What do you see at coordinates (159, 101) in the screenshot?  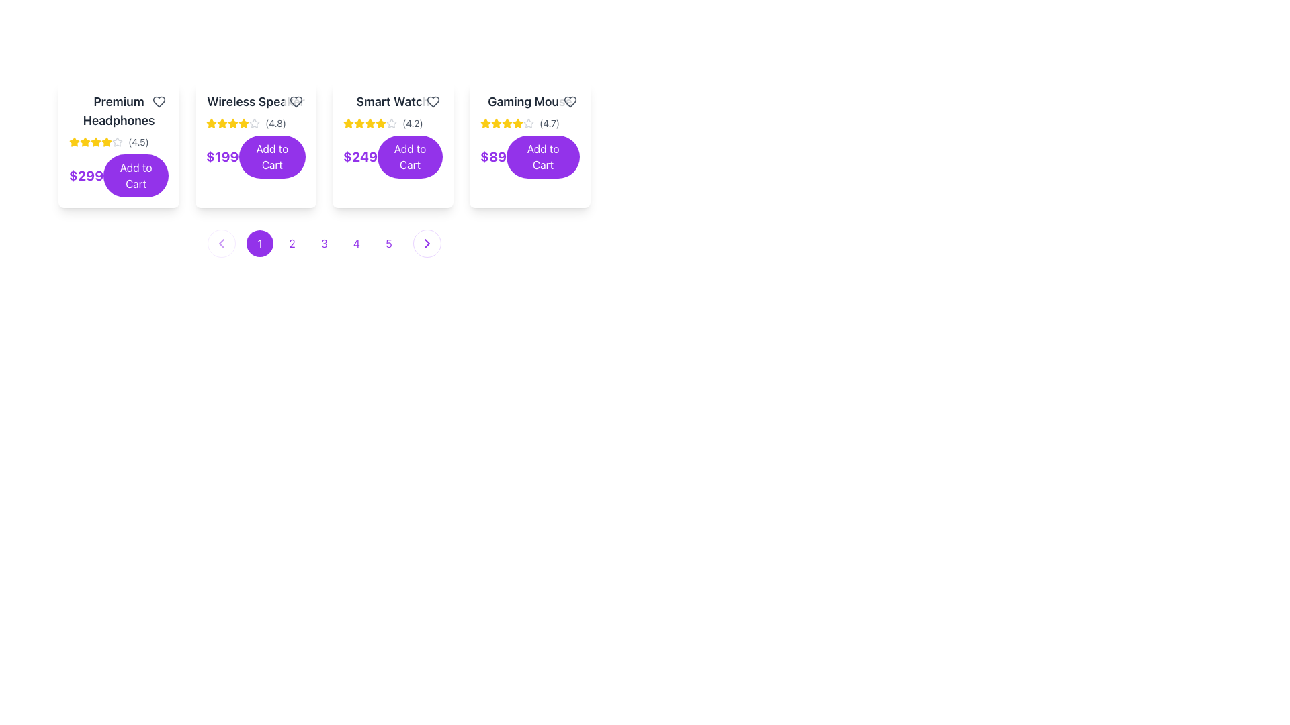 I see `the heart-shaped icon button located at the top-right corner of the 'Premium Headphones' card, which turns red on hover` at bounding box center [159, 101].